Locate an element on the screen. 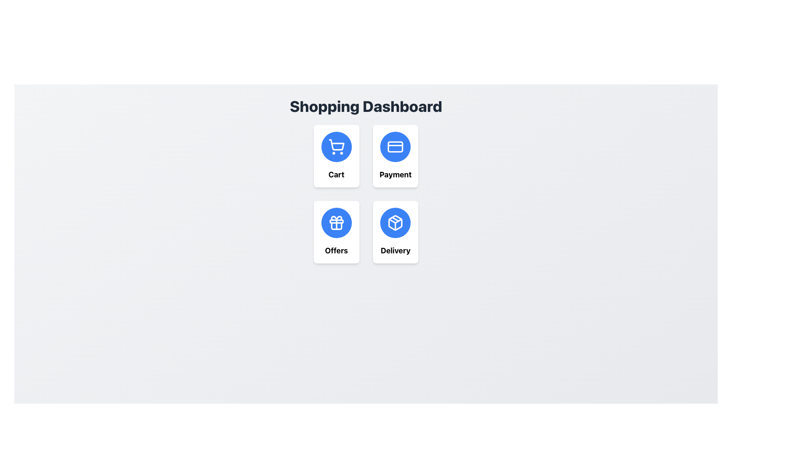 The width and height of the screenshot is (812, 456). the decorative graphical component that forms the horizontal band of the gift box icon located above the 'Offers' label in the lower-left card is located at coordinates (336, 221).